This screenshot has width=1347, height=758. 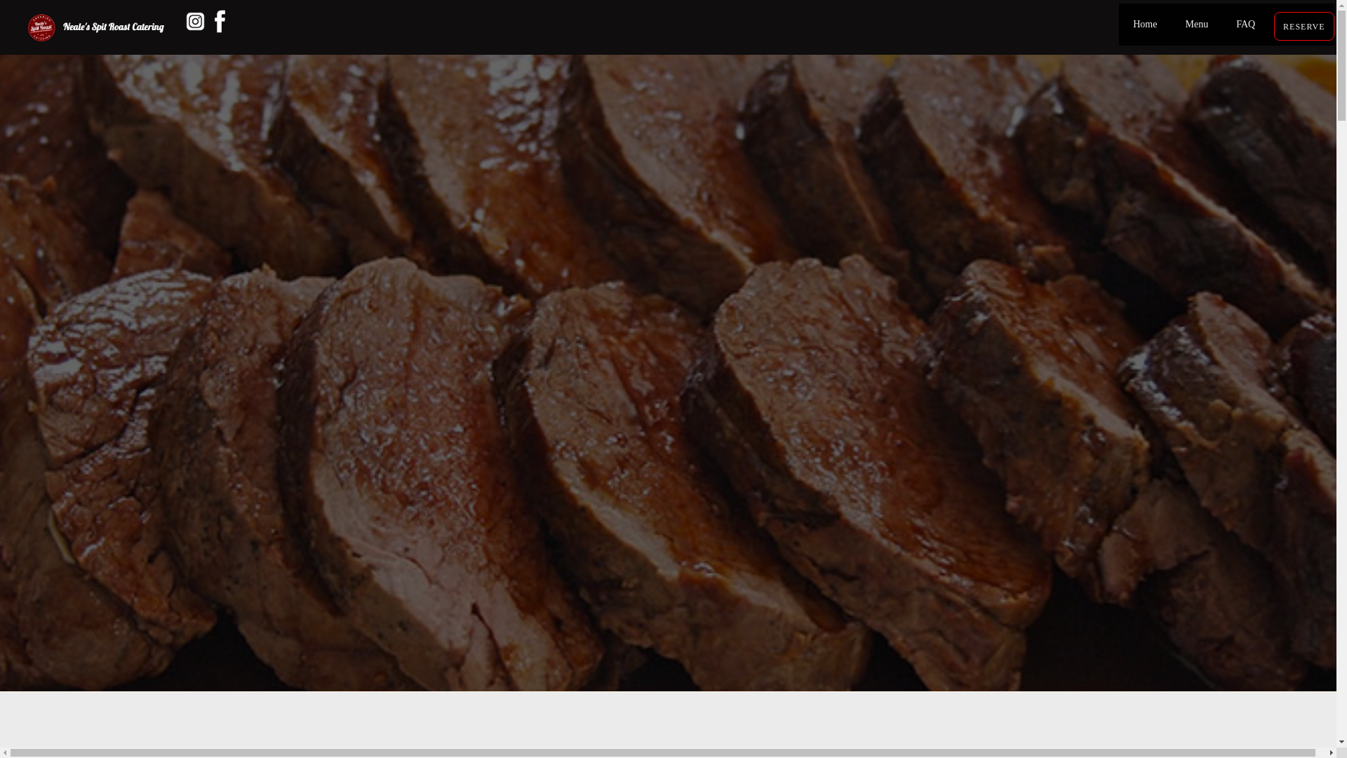 What do you see at coordinates (1245, 24) in the screenshot?
I see `'FAQ'` at bounding box center [1245, 24].